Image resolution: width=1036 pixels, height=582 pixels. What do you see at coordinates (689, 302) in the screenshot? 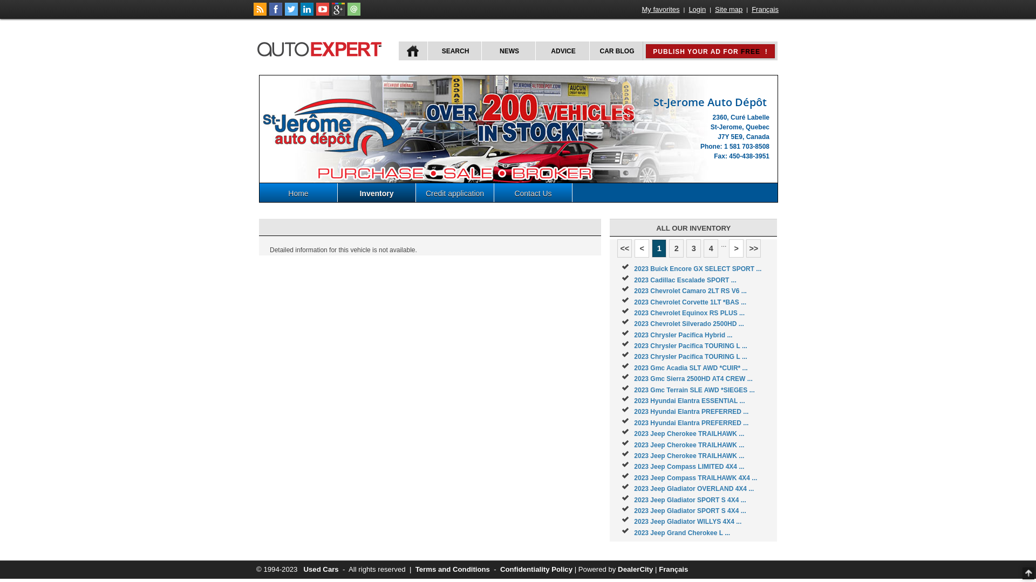
I see `'2023 Chevrolet Corvette 1LT *BAS ...'` at bounding box center [689, 302].